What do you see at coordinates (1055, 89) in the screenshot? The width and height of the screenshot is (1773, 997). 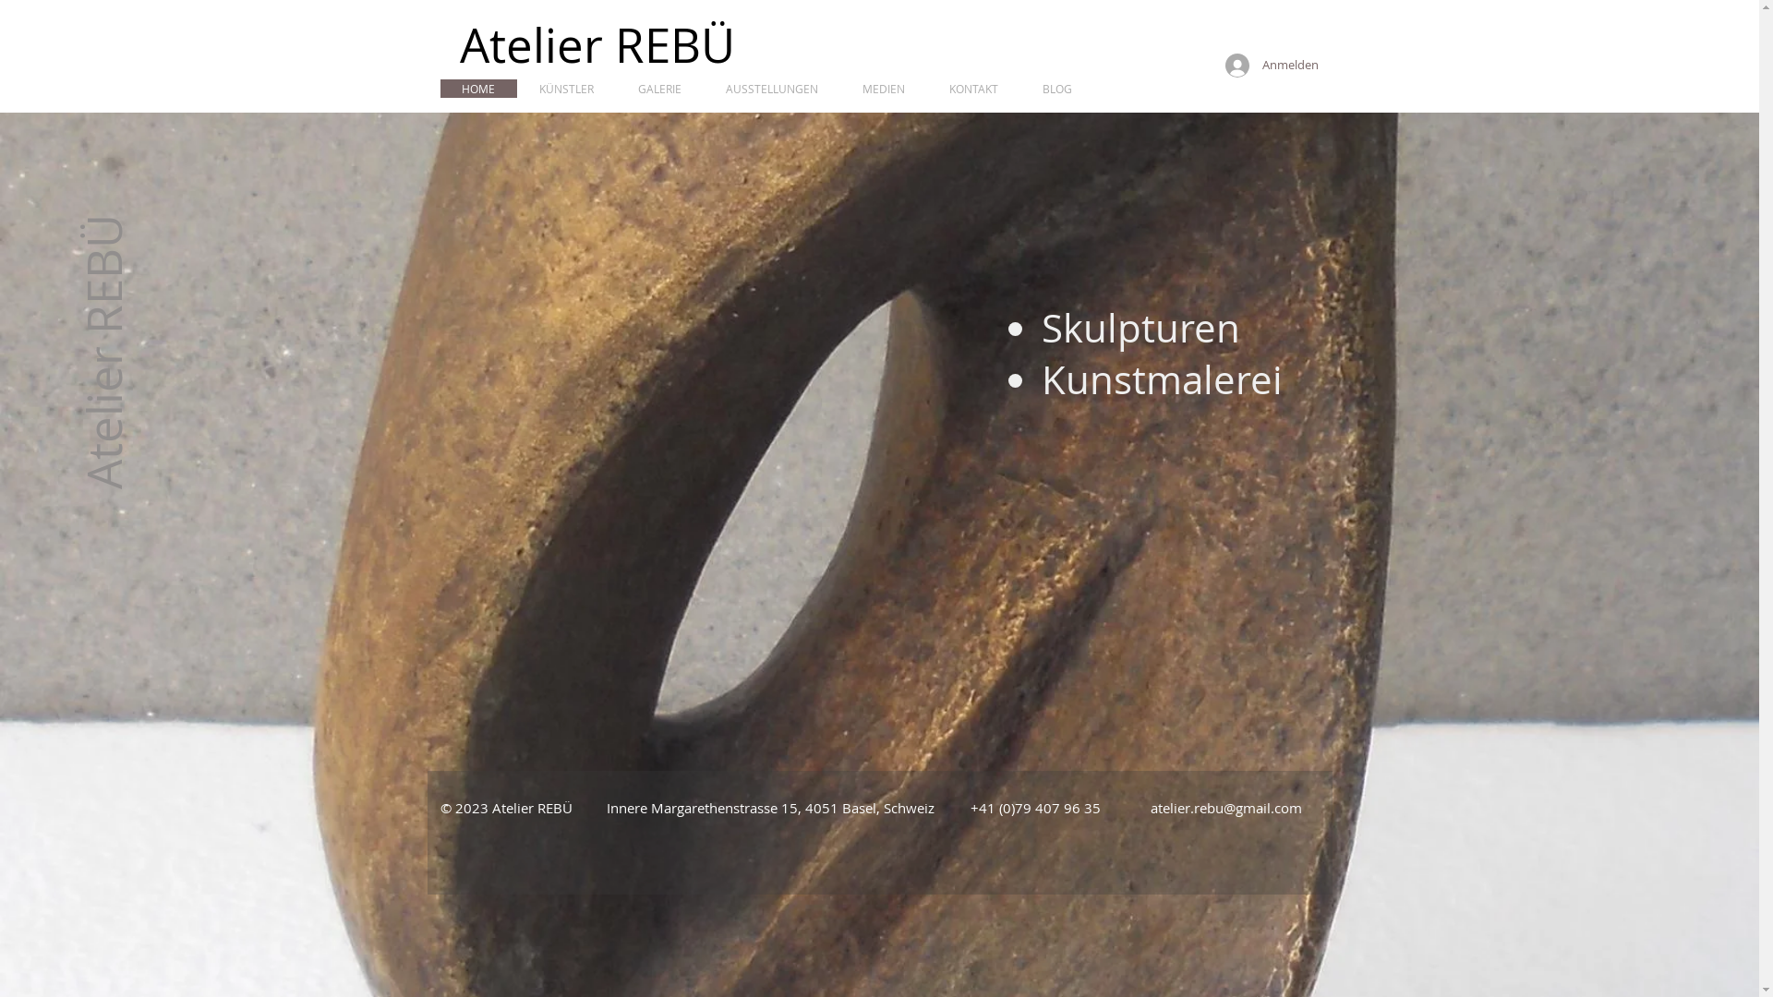 I see `'BLOG'` at bounding box center [1055, 89].